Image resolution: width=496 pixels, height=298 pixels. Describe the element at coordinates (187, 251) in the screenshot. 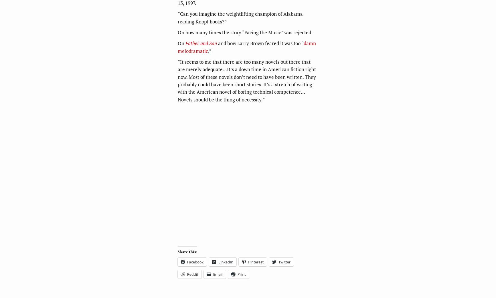

I see `'Share this:'` at that location.